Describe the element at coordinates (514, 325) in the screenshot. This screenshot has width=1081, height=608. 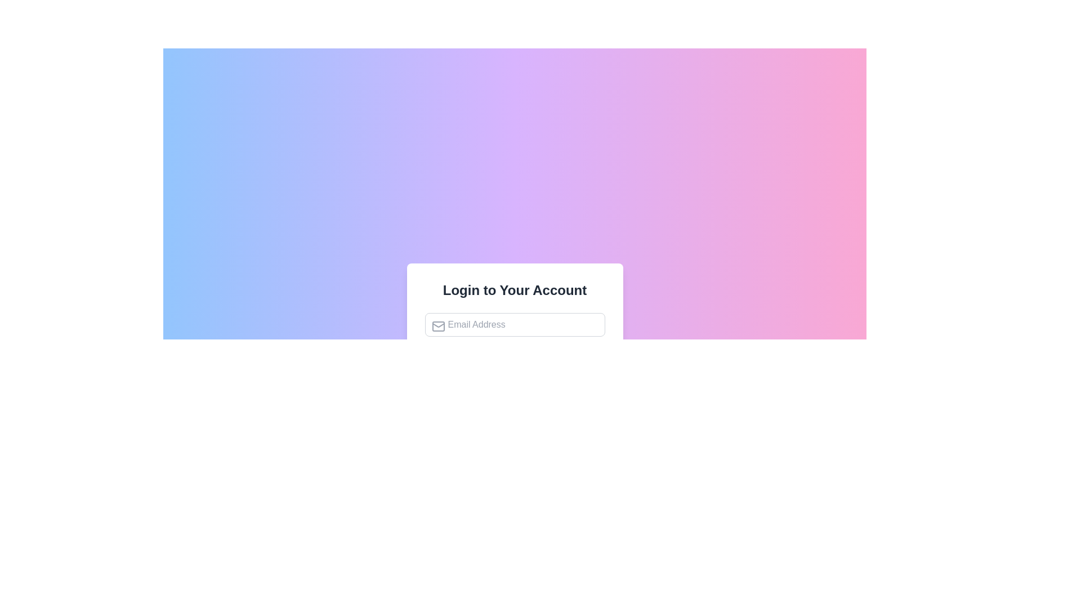
I see `the email input field with the placeholder 'Email Address'` at that location.